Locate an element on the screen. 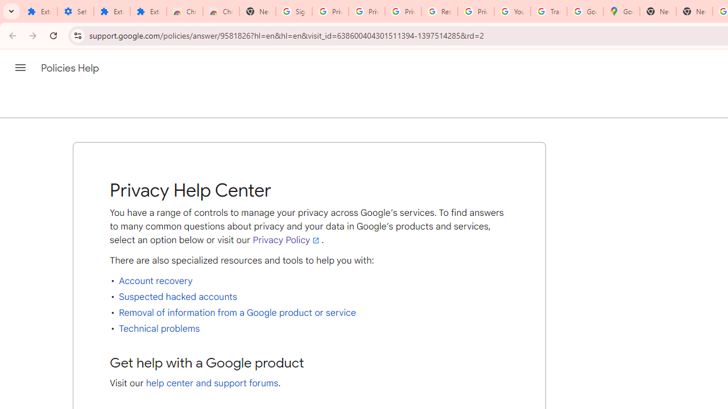  'Main menu' is located at coordinates (20, 68).